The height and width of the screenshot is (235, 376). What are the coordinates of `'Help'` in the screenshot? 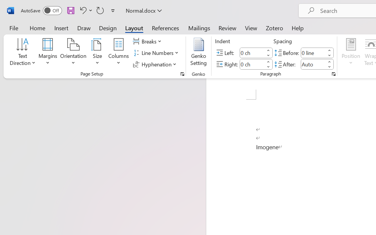 It's located at (298, 28).